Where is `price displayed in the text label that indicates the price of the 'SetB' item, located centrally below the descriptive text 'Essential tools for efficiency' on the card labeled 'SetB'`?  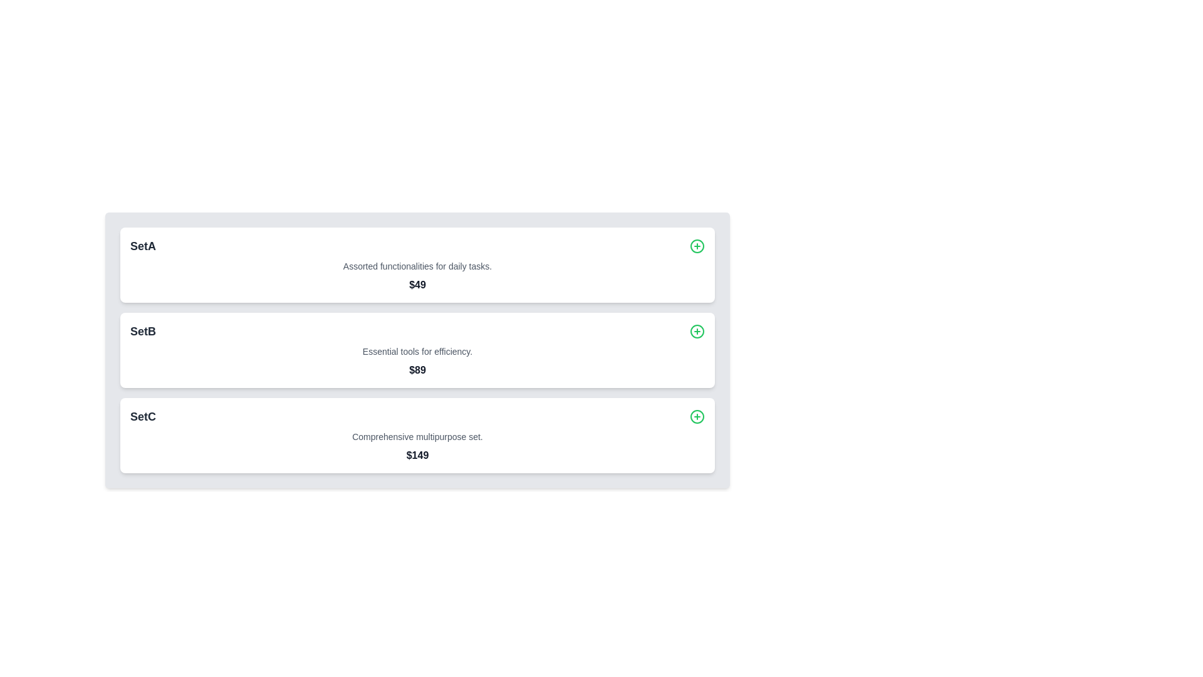
price displayed in the text label that indicates the price of the 'SetB' item, located centrally below the descriptive text 'Essential tools for efficiency' on the card labeled 'SetB' is located at coordinates (417, 369).